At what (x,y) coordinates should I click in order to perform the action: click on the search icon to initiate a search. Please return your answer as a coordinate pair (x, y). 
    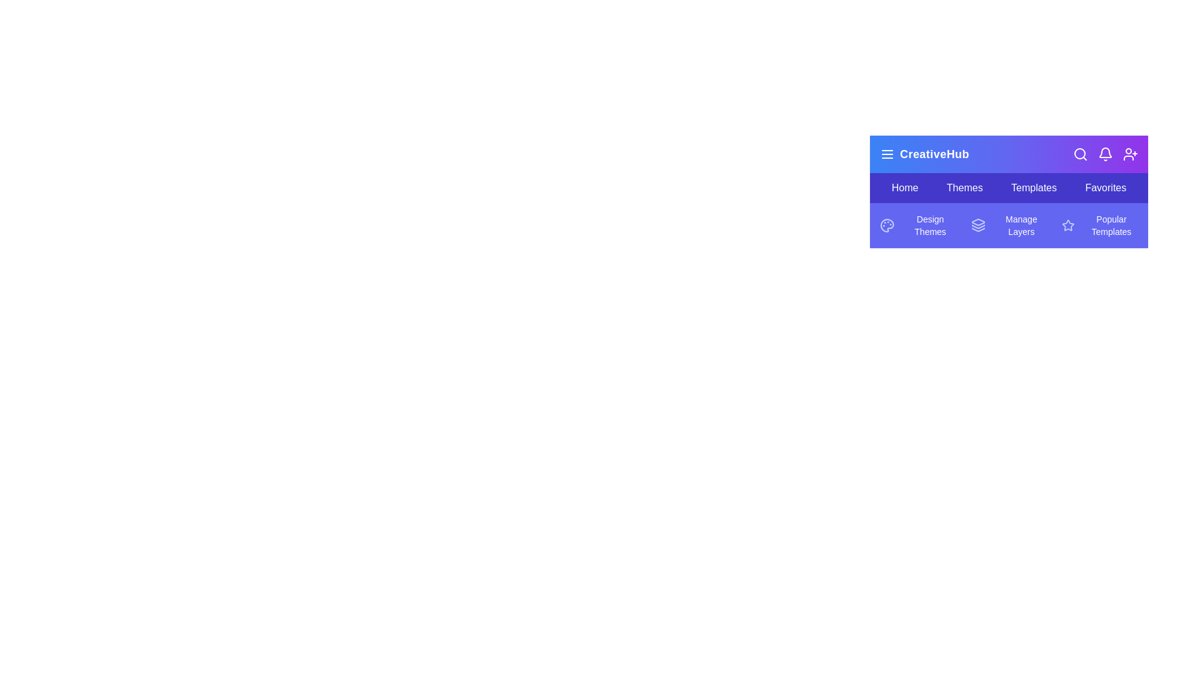
    Looking at the image, I should click on (1079, 153).